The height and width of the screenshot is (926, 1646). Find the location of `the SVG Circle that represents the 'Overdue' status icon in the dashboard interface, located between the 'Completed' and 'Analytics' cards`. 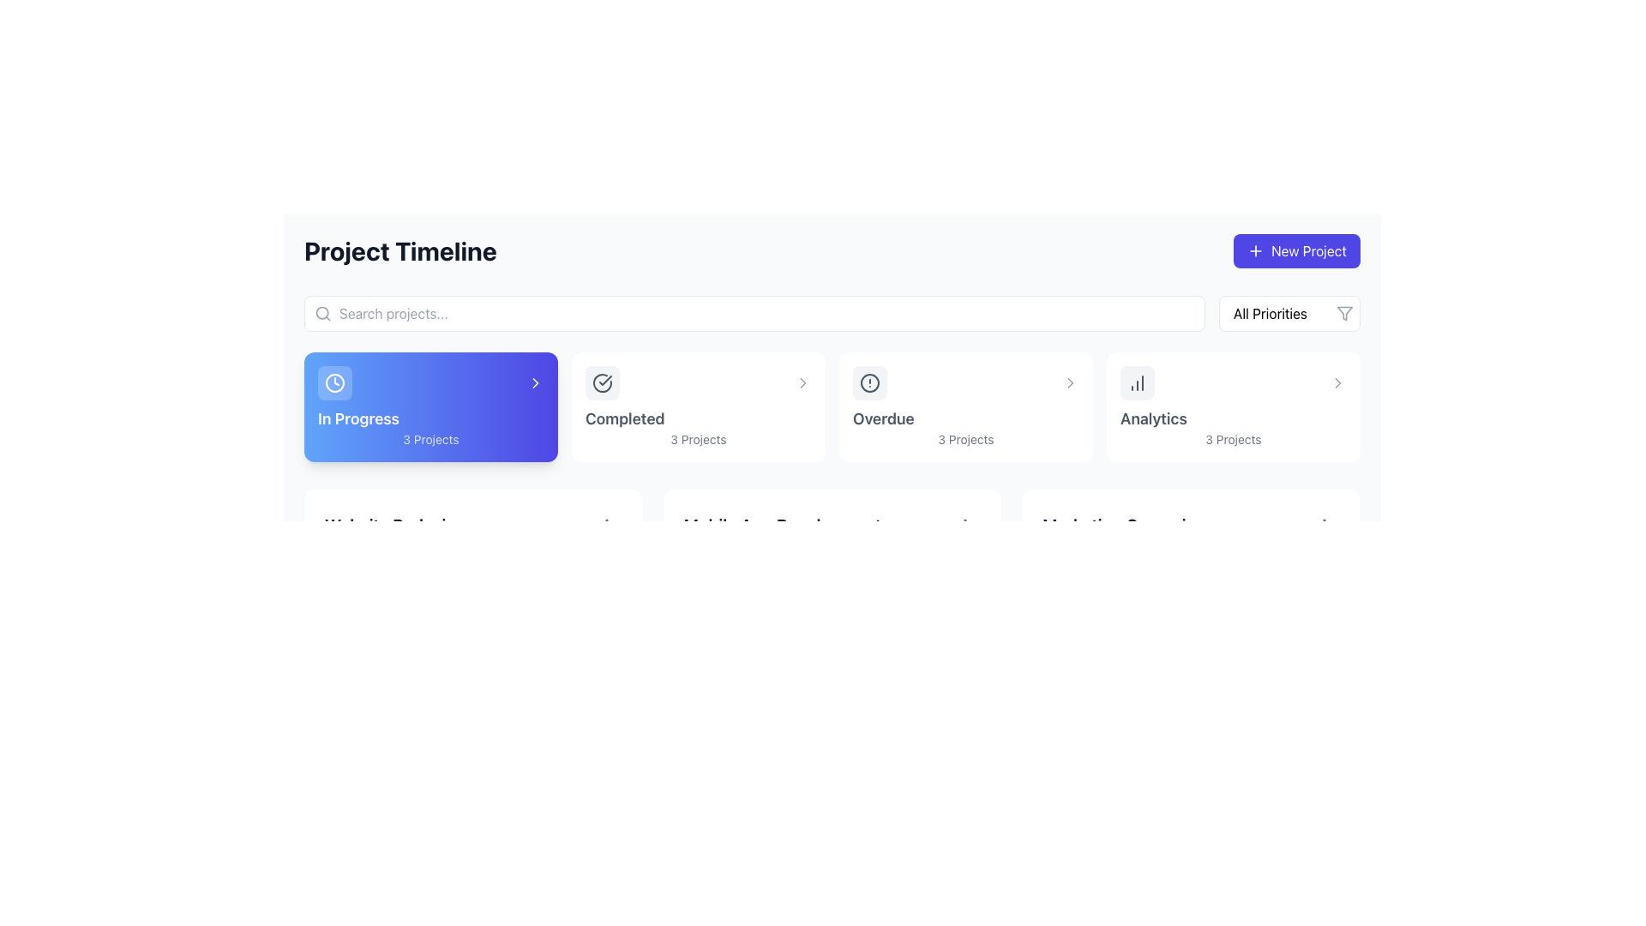

the SVG Circle that represents the 'Overdue' status icon in the dashboard interface, located between the 'Completed' and 'Analytics' cards is located at coordinates (869, 382).